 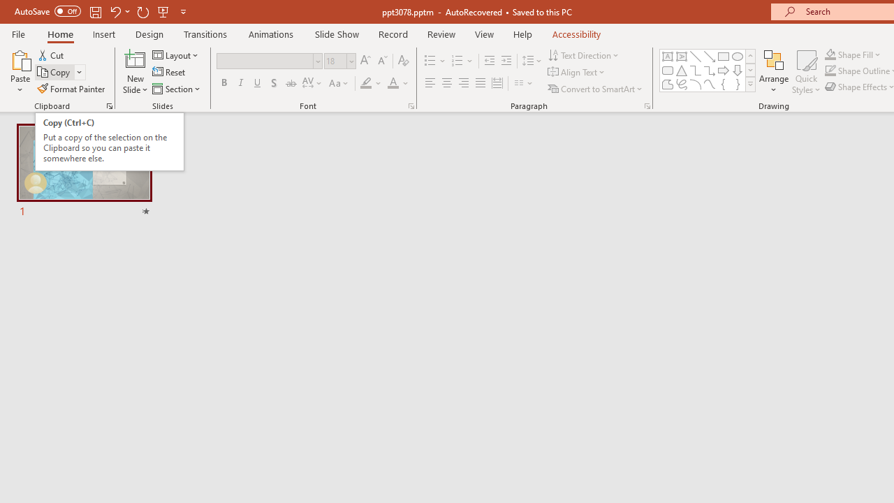 What do you see at coordinates (457, 60) in the screenshot?
I see `'Numbering'` at bounding box center [457, 60].